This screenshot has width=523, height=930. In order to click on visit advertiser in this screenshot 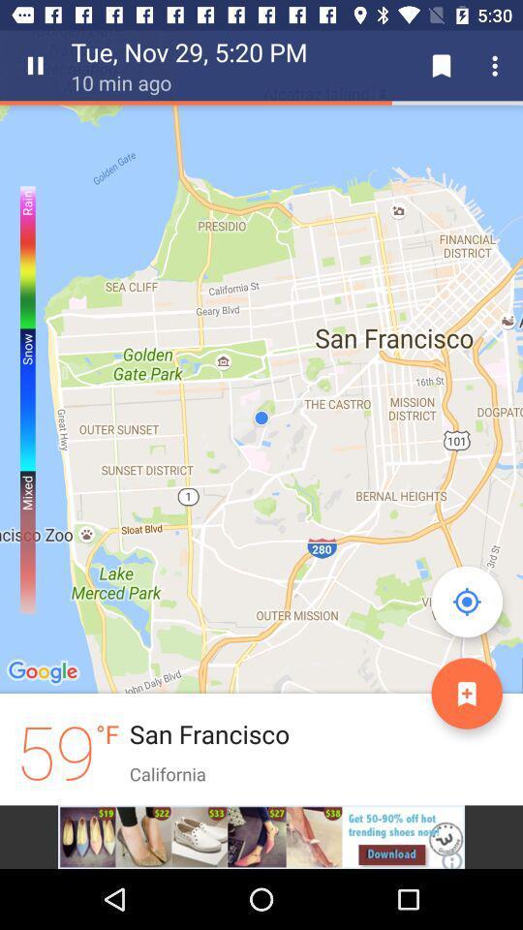, I will do `click(261, 836)`.